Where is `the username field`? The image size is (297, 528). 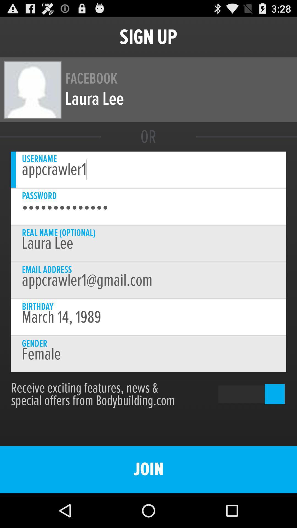
the username field is located at coordinates (148, 169).